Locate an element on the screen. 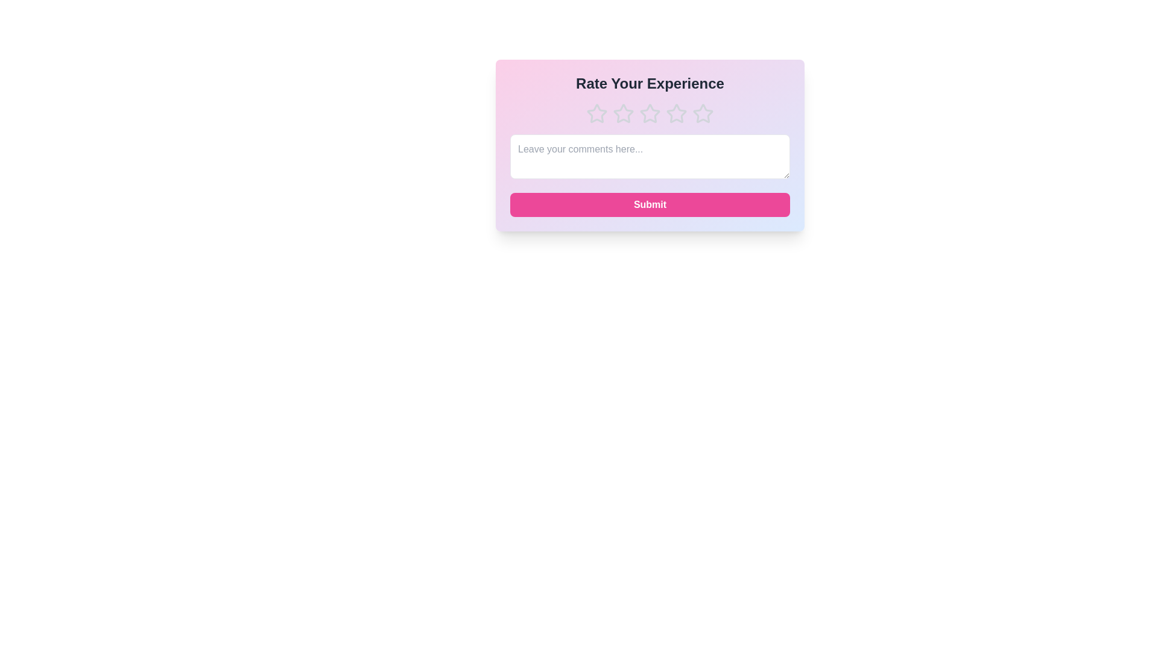 This screenshot has height=651, width=1158. the star corresponding to 2 to preview the rating is located at coordinates (623, 114).